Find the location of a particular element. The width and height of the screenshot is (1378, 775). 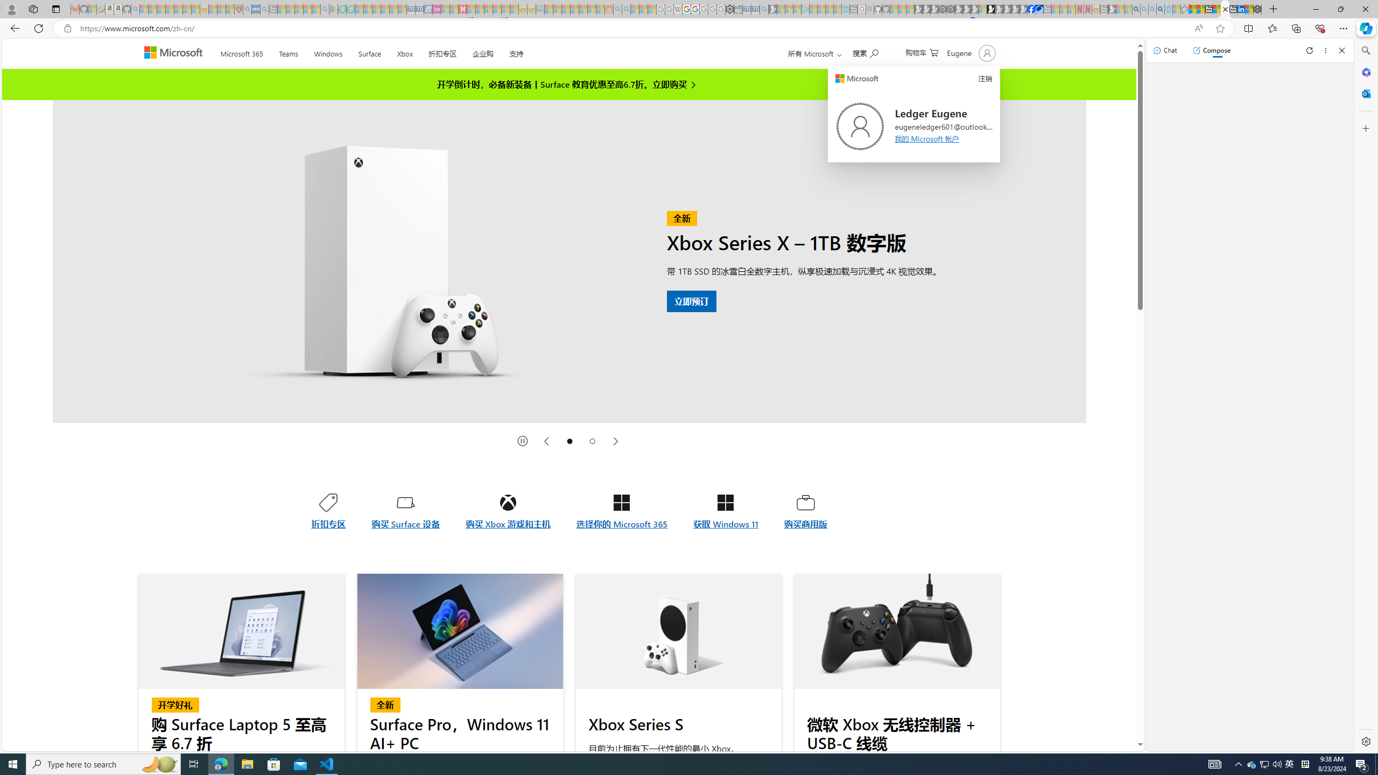

'Personal Profile' is located at coordinates (11, 9).